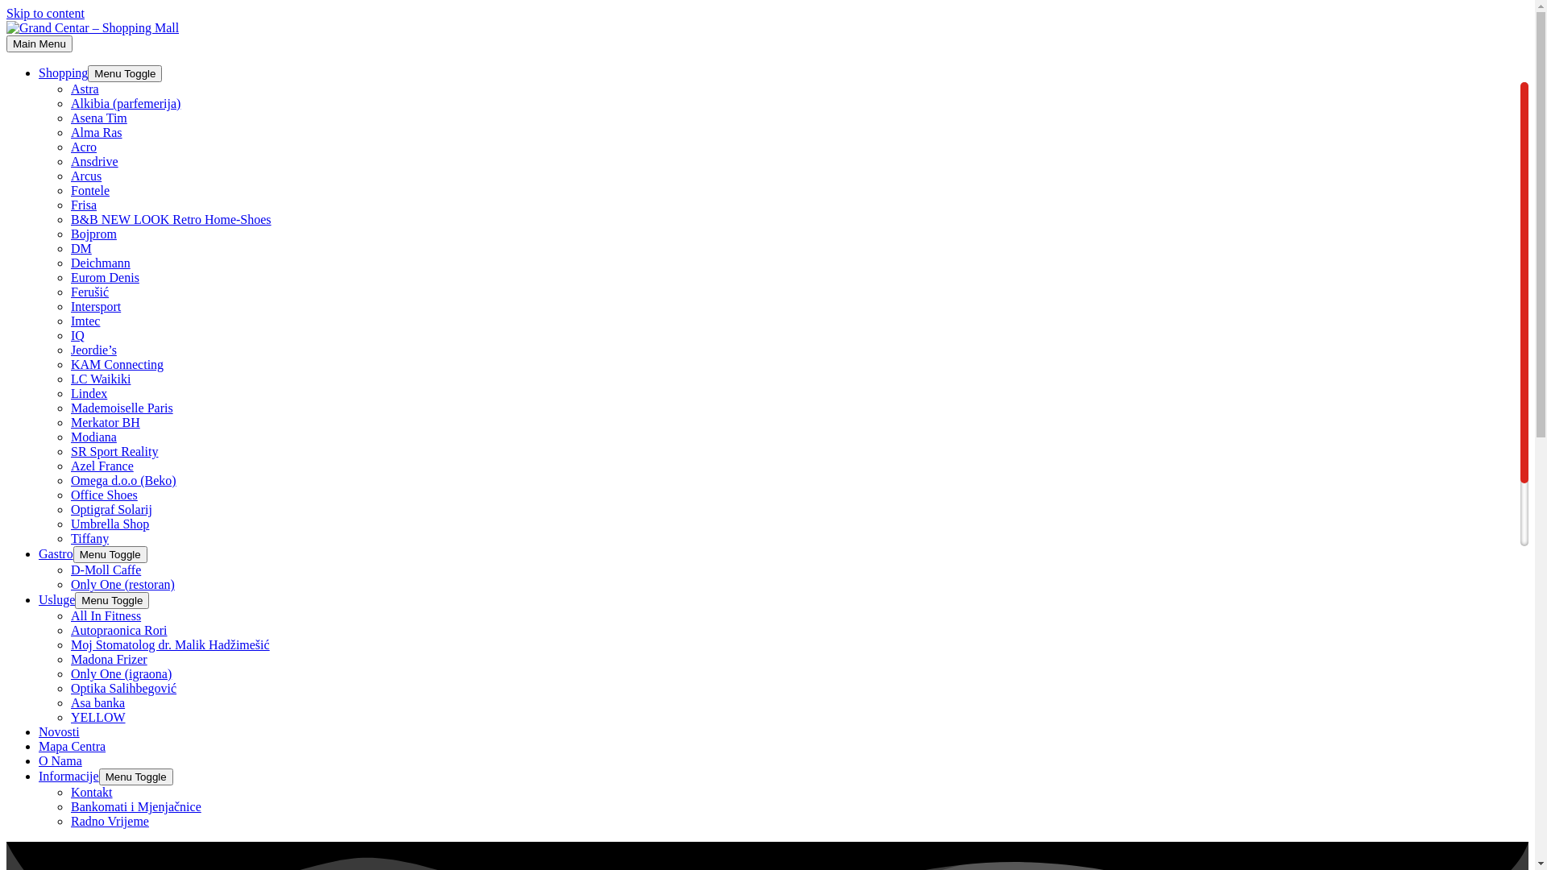 The image size is (1547, 870). Describe the element at coordinates (69, 791) in the screenshot. I see `'Kontakt'` at that location.